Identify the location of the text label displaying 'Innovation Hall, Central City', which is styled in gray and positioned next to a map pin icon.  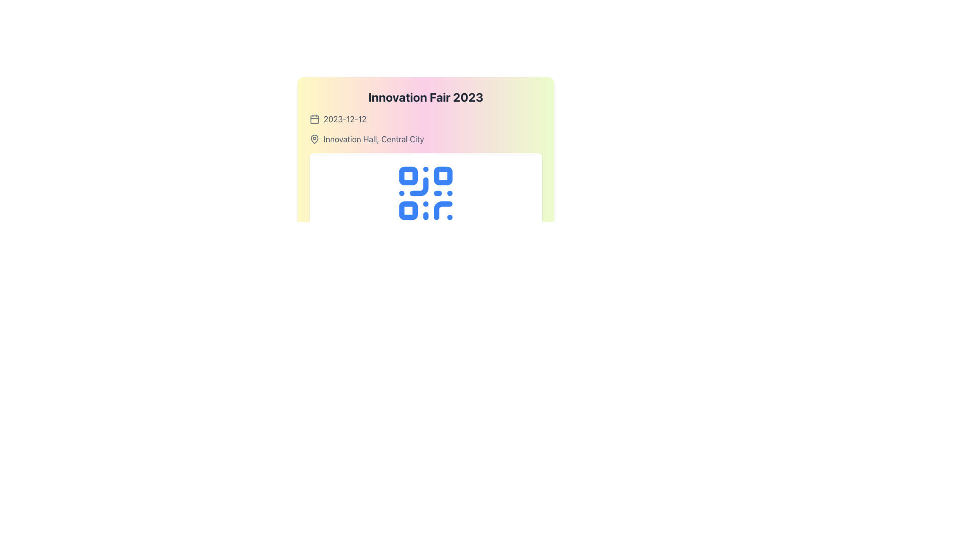
(373, 139).